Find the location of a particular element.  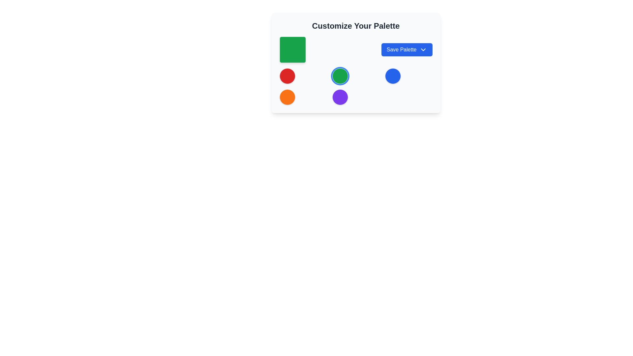

the circular purple button located in the bottom row and middle column of the grid layout is located at coordinates (340, 97).